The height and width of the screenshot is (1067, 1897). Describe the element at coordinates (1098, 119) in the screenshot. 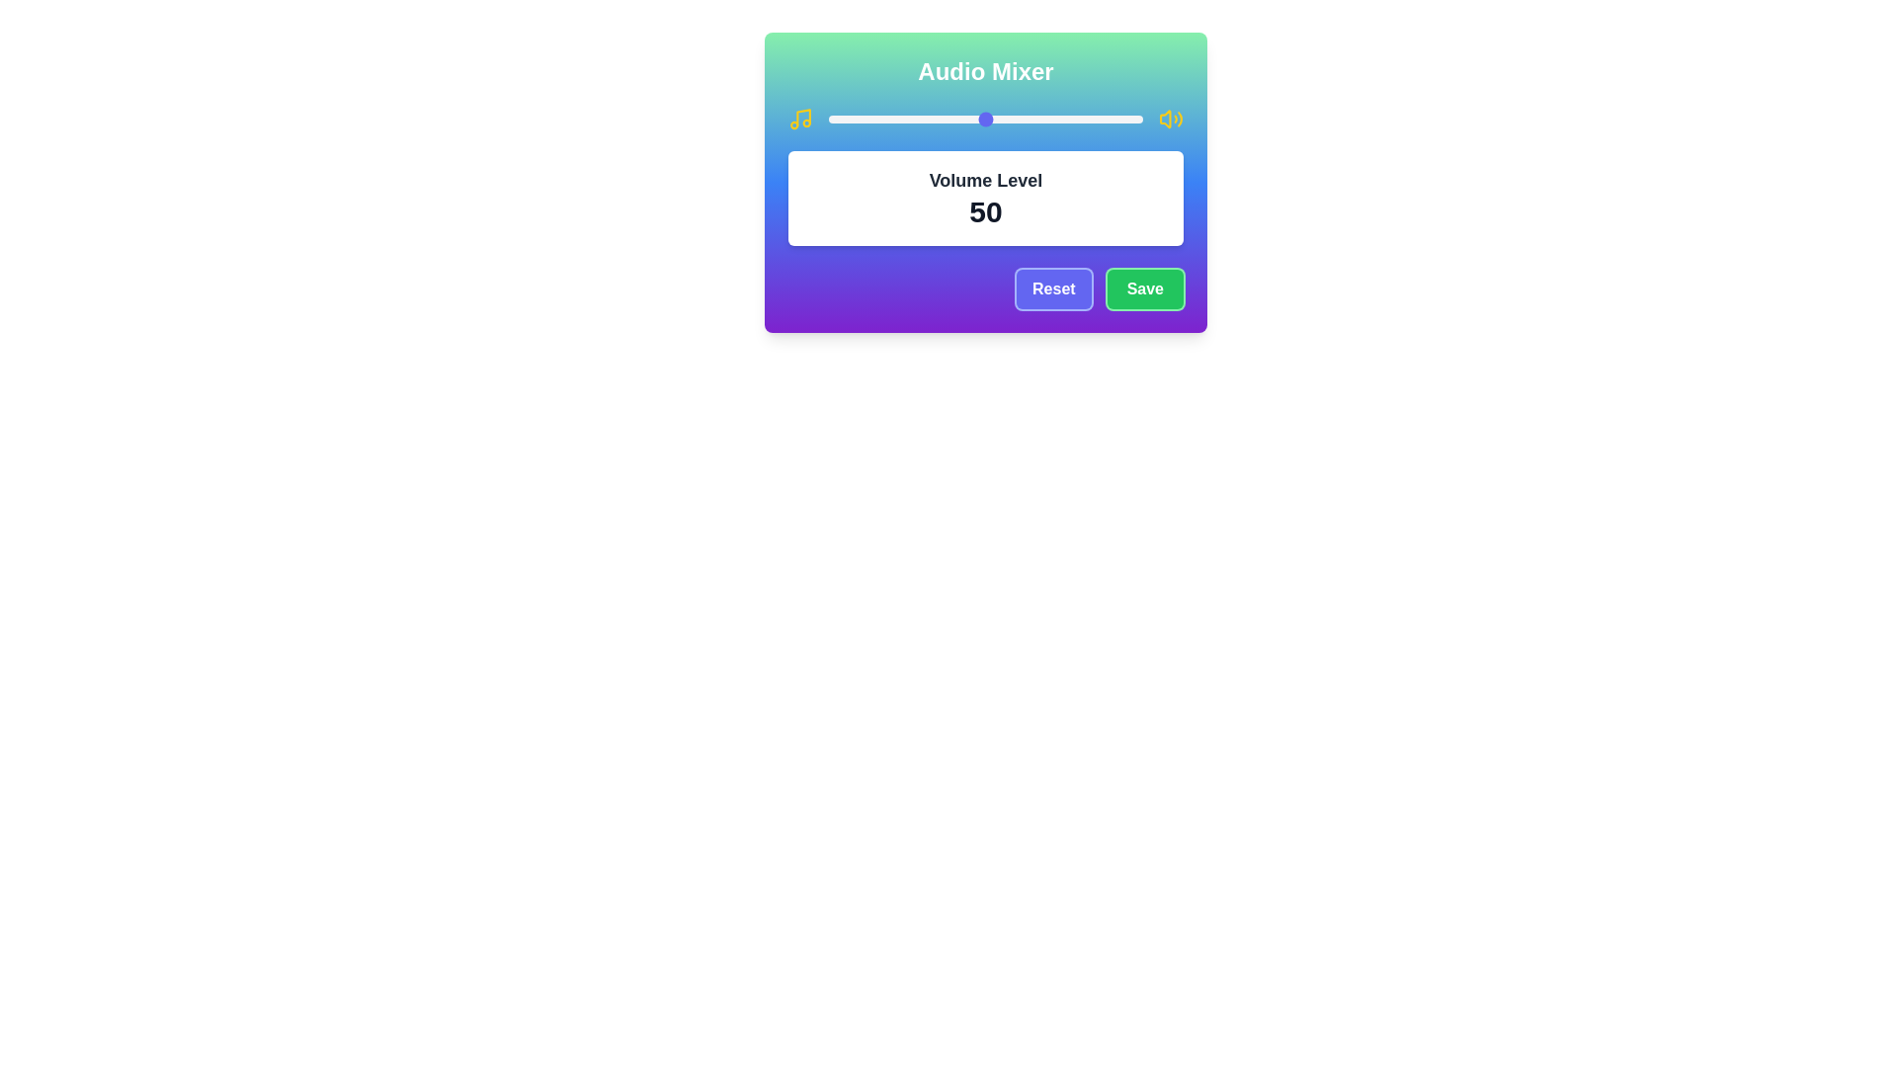

I see `the volume level` at that location.